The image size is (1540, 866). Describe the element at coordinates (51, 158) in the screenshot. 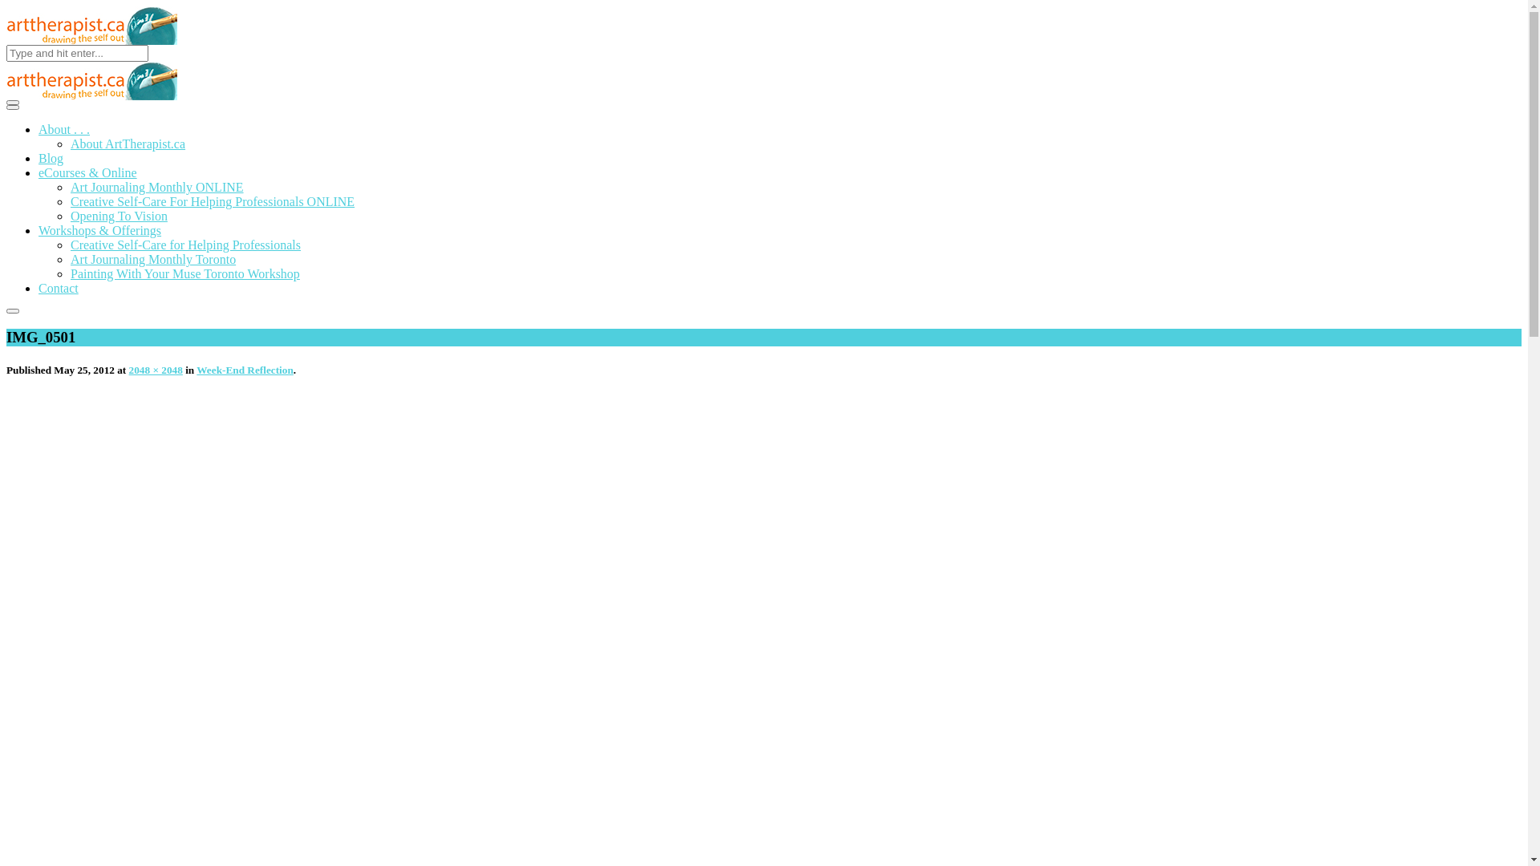

I see `'Blog'` at that location.